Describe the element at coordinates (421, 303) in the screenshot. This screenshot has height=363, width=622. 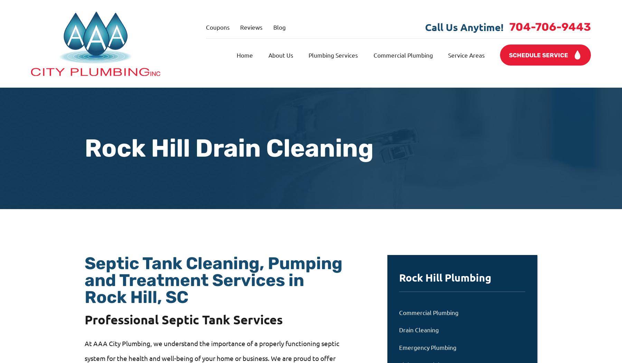
I see `'30+ Years In The Family'` at that location.